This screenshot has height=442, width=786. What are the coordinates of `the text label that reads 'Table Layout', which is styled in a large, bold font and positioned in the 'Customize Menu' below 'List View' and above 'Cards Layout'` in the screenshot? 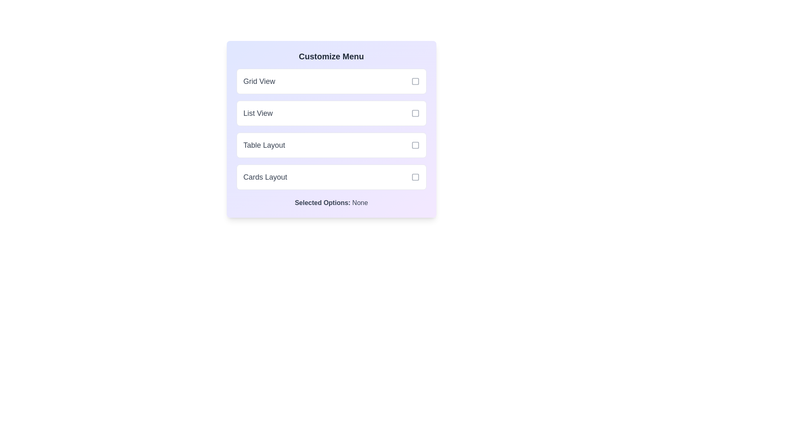 It's located at (264, 144).